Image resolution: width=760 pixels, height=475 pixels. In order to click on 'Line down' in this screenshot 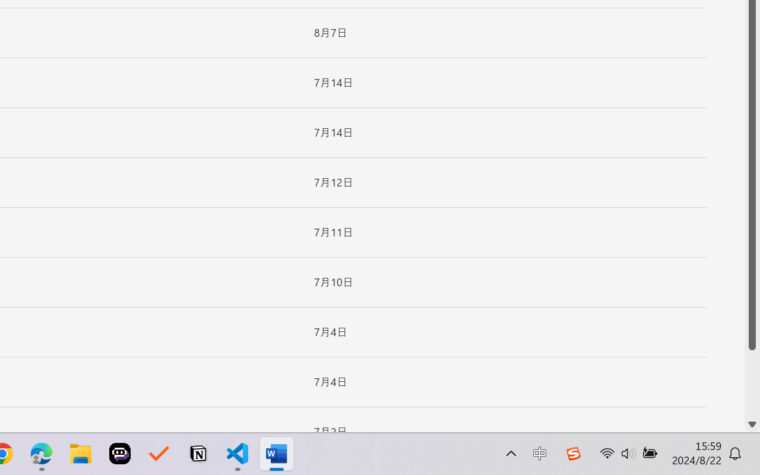, I will do `click(752, 424)`.